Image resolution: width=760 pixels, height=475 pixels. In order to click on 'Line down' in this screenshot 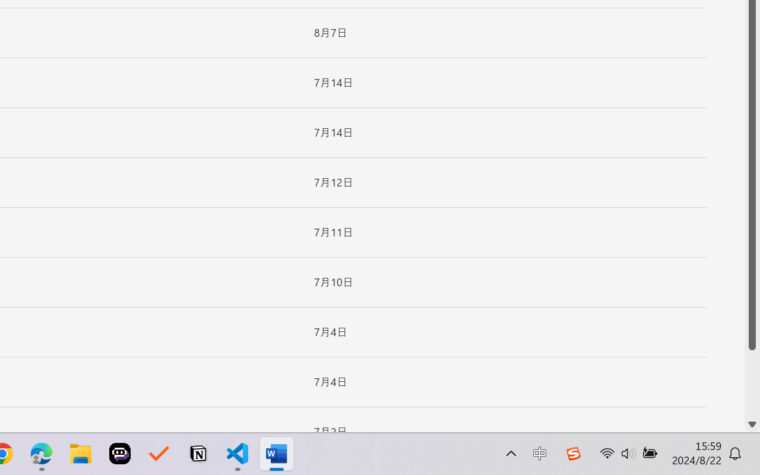, I will do `click(752, 424)`.